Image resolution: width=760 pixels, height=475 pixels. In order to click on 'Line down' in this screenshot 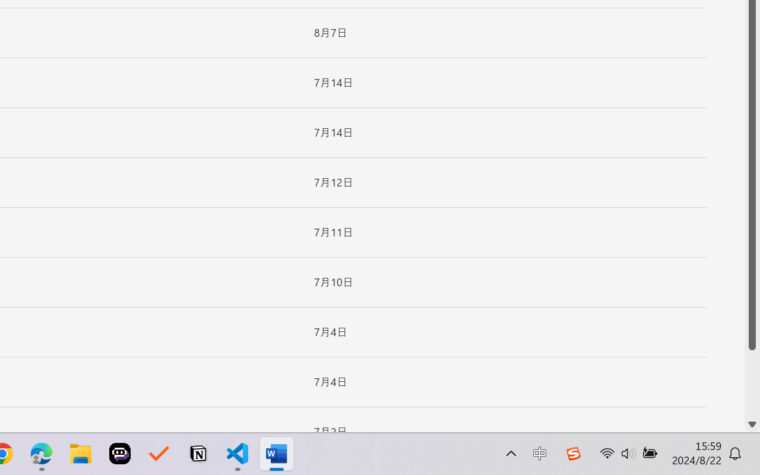, I will do `click(752, 424)`.